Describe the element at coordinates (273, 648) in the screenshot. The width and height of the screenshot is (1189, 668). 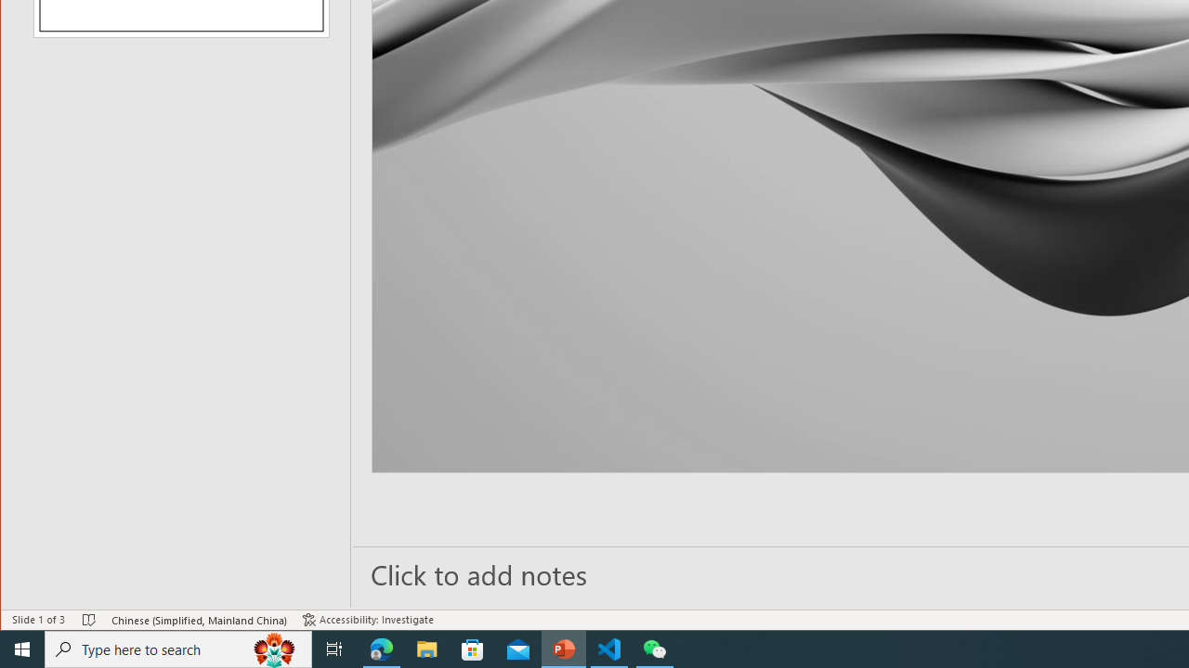
I see `'Search highlights icon opens search home window'` at that location.